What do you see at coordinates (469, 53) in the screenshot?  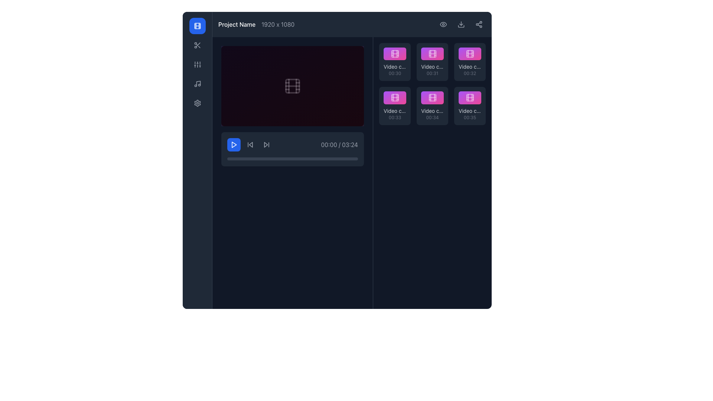 I see `the square icon with rounded corners that represents the video thumbnail labeled 'Video 00:32', located in the second column of the grid layout` at bounding box center [469, 53].